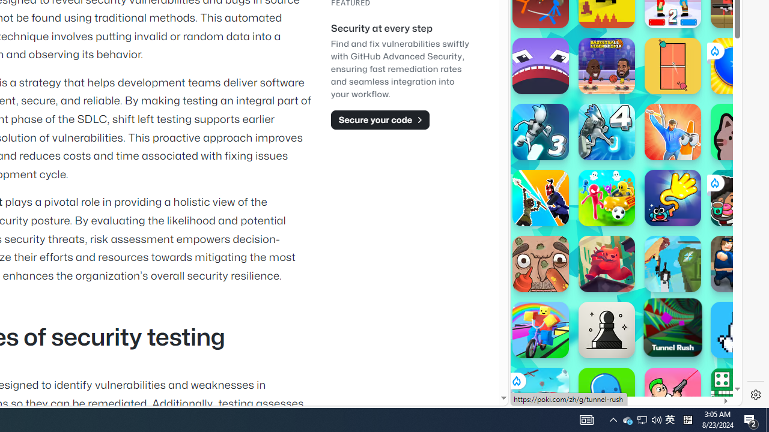  I want to click on 'Goober World', so click(606, 395).